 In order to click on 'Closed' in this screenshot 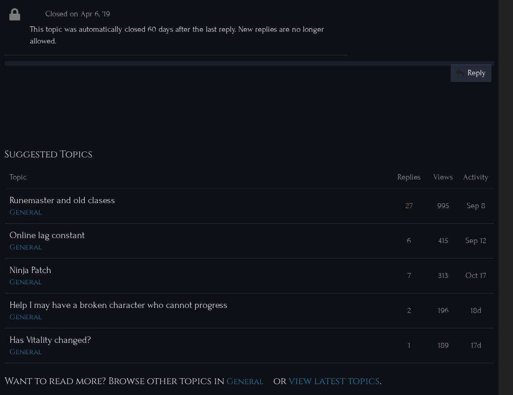, I will do `click(57, 13)`.